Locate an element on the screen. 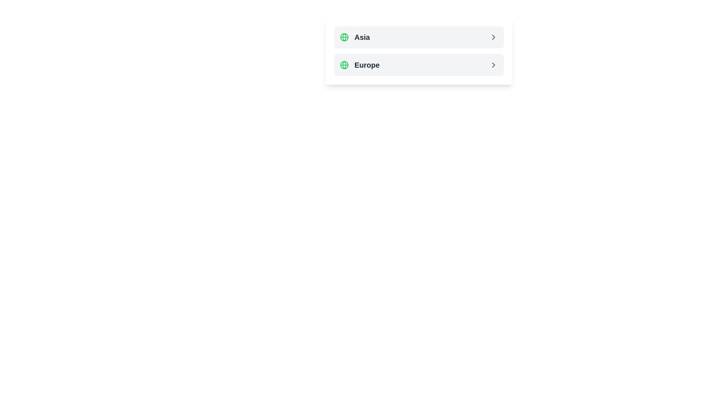 The image size is (702, 395). the chevron icon located on the far right side of the list item labeled 'Europe' is located at coordinates (493, 64).